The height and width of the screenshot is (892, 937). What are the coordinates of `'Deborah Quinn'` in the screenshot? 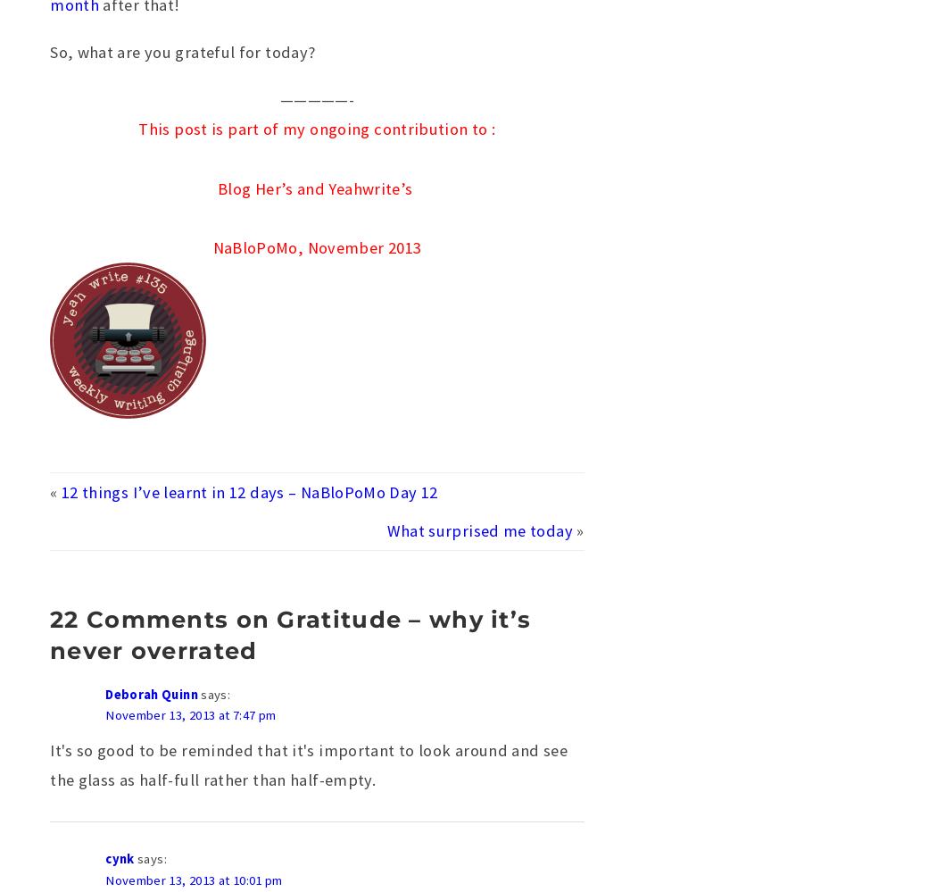 It's located at (151, 694).